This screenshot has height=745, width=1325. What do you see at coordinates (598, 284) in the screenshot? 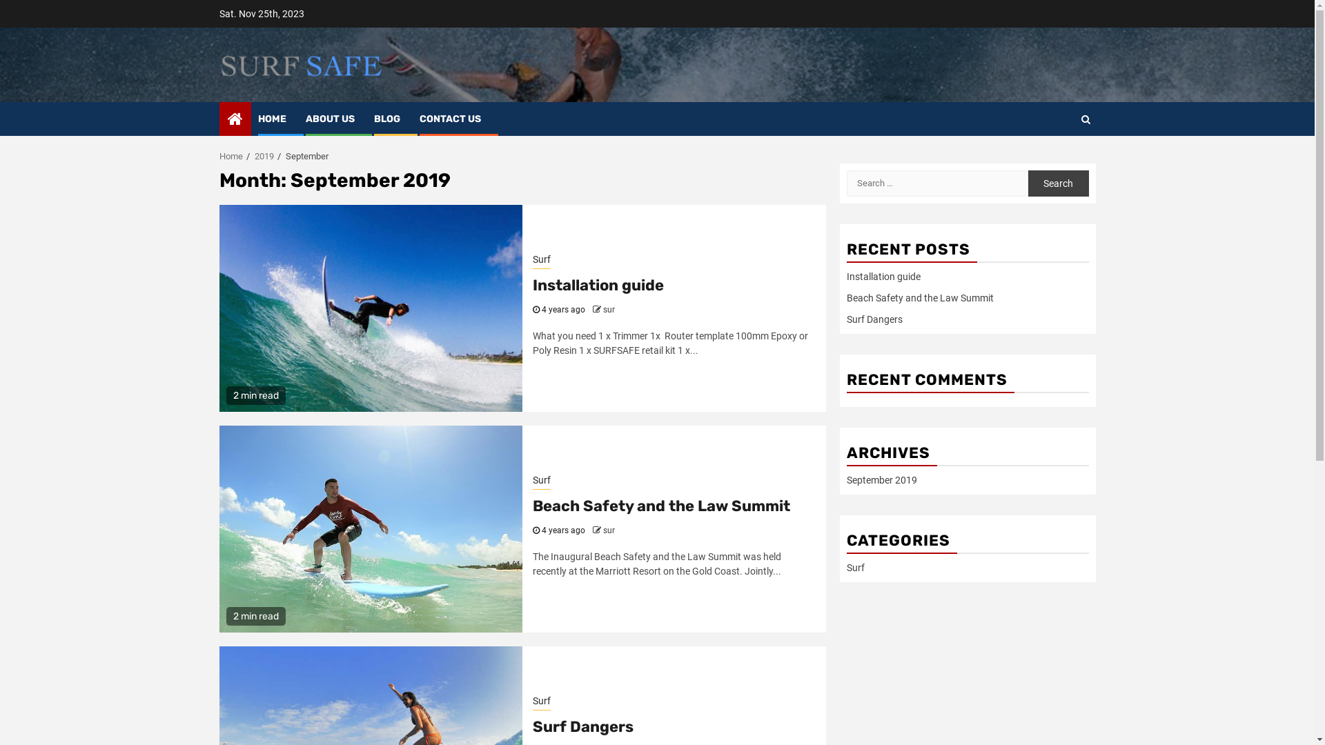
I see `'Installation guide'` at bounding box center [598, 284].